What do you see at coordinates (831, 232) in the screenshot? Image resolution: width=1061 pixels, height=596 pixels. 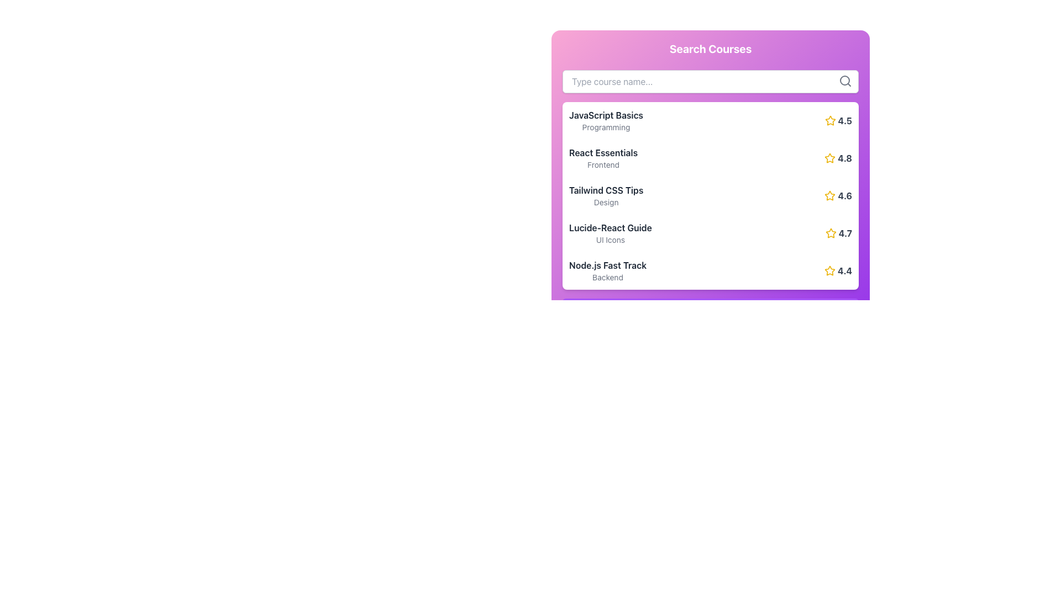 I see `the fourth yellow star icon in the rating visualization system, which is aligned with the 'Lucide-React Guide' list item and positioned next to the text '4.7'` at bounding box center [831, 232].